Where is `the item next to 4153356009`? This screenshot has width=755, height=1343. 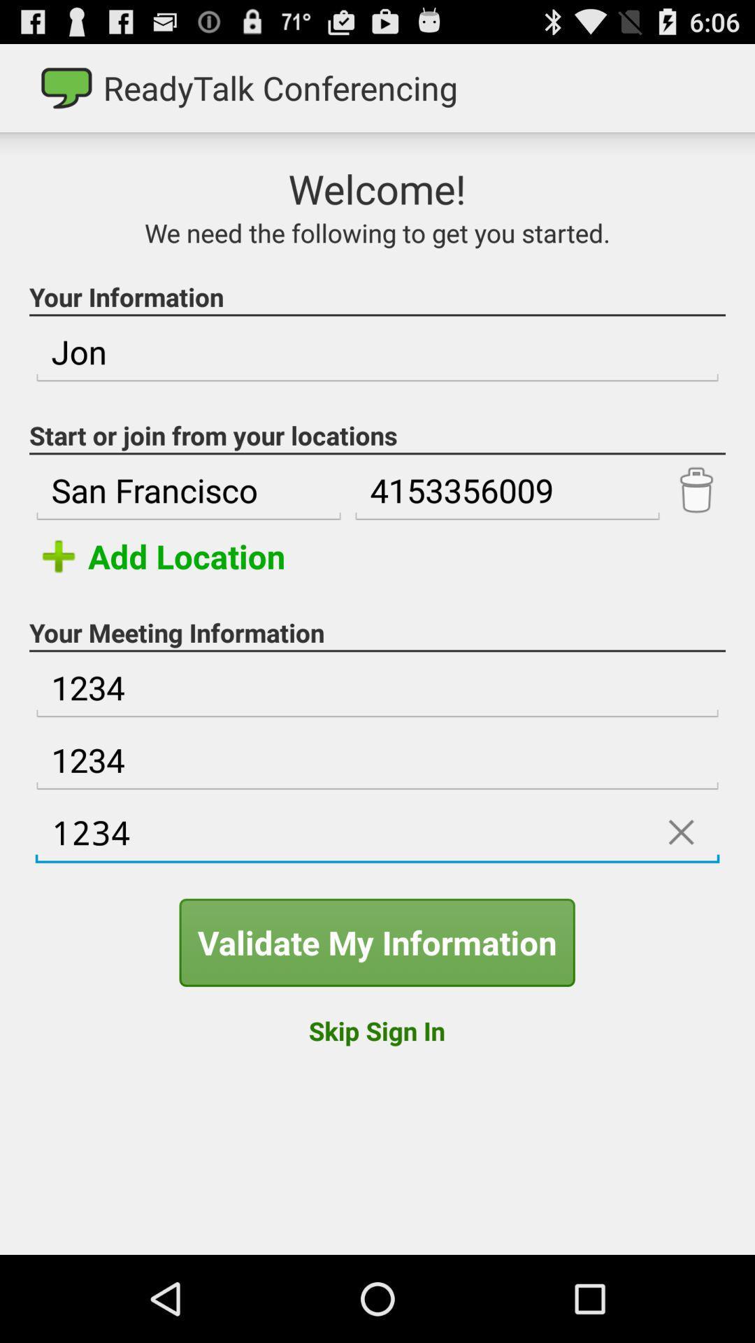
the item next to 4153356009 is located at coordinates (189, 490).